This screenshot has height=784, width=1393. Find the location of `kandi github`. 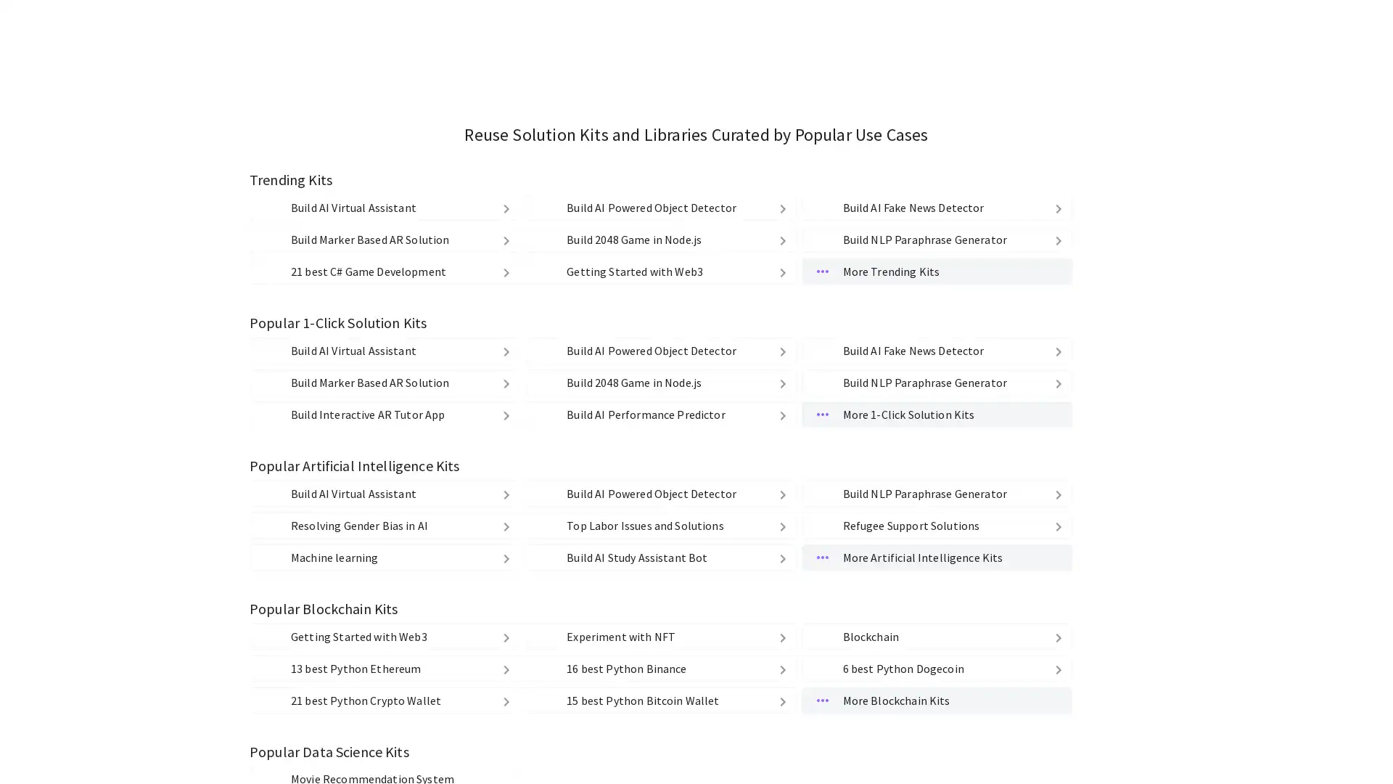

kandi github is located at coordinates (1326, 49).